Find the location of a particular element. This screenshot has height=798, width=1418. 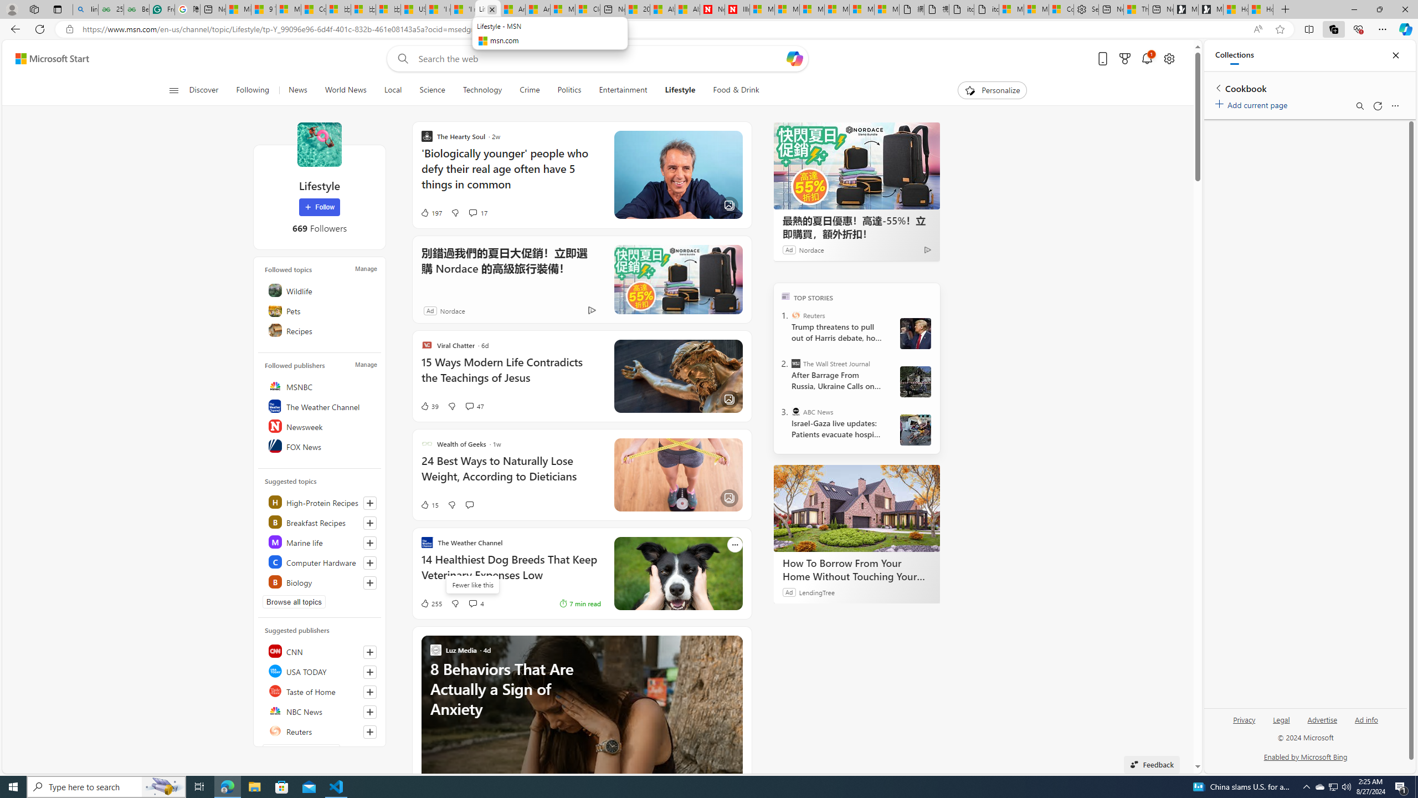

'Discover' is located at coordinates (208, 90).